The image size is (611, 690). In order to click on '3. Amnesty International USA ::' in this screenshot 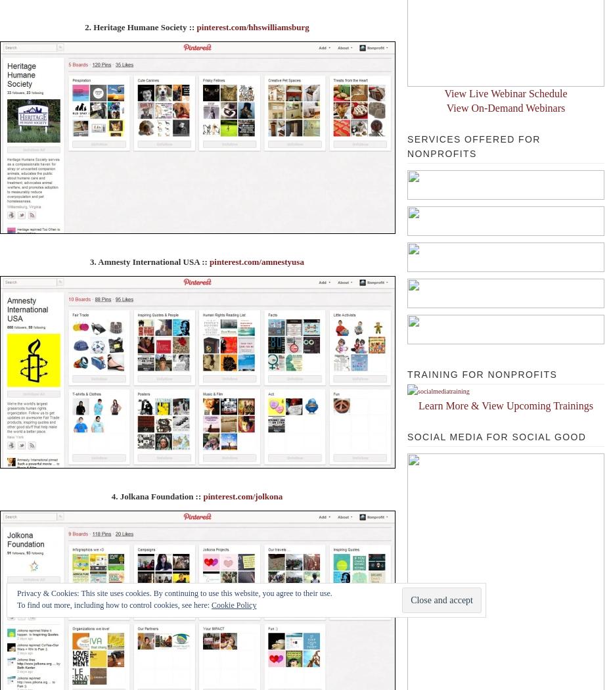, I will do `click(147, 261)`.